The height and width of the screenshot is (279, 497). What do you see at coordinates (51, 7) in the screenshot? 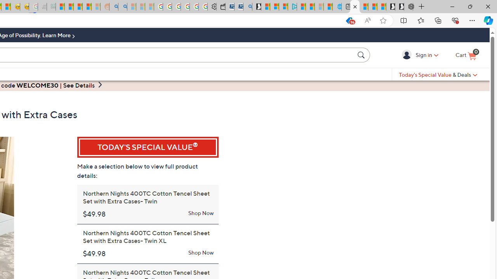
I see `'DITOGAMES AG Imprint - Sleeping'` at bounding box center [51, 7].